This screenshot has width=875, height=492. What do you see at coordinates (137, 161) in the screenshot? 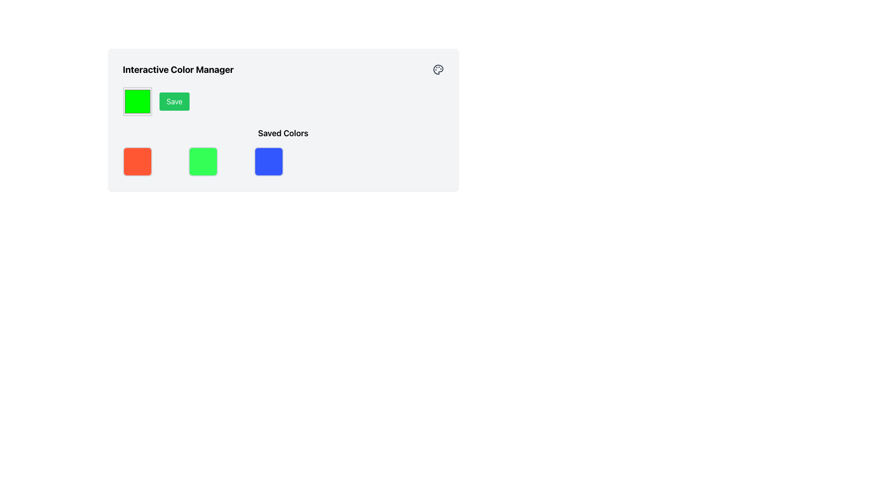
I see `the first square in the 'Interactive Color Manager' interface, which is a square-shaped UI component filled with bright orange color and has a light gray rounded border` at bounding box center [137, 161].